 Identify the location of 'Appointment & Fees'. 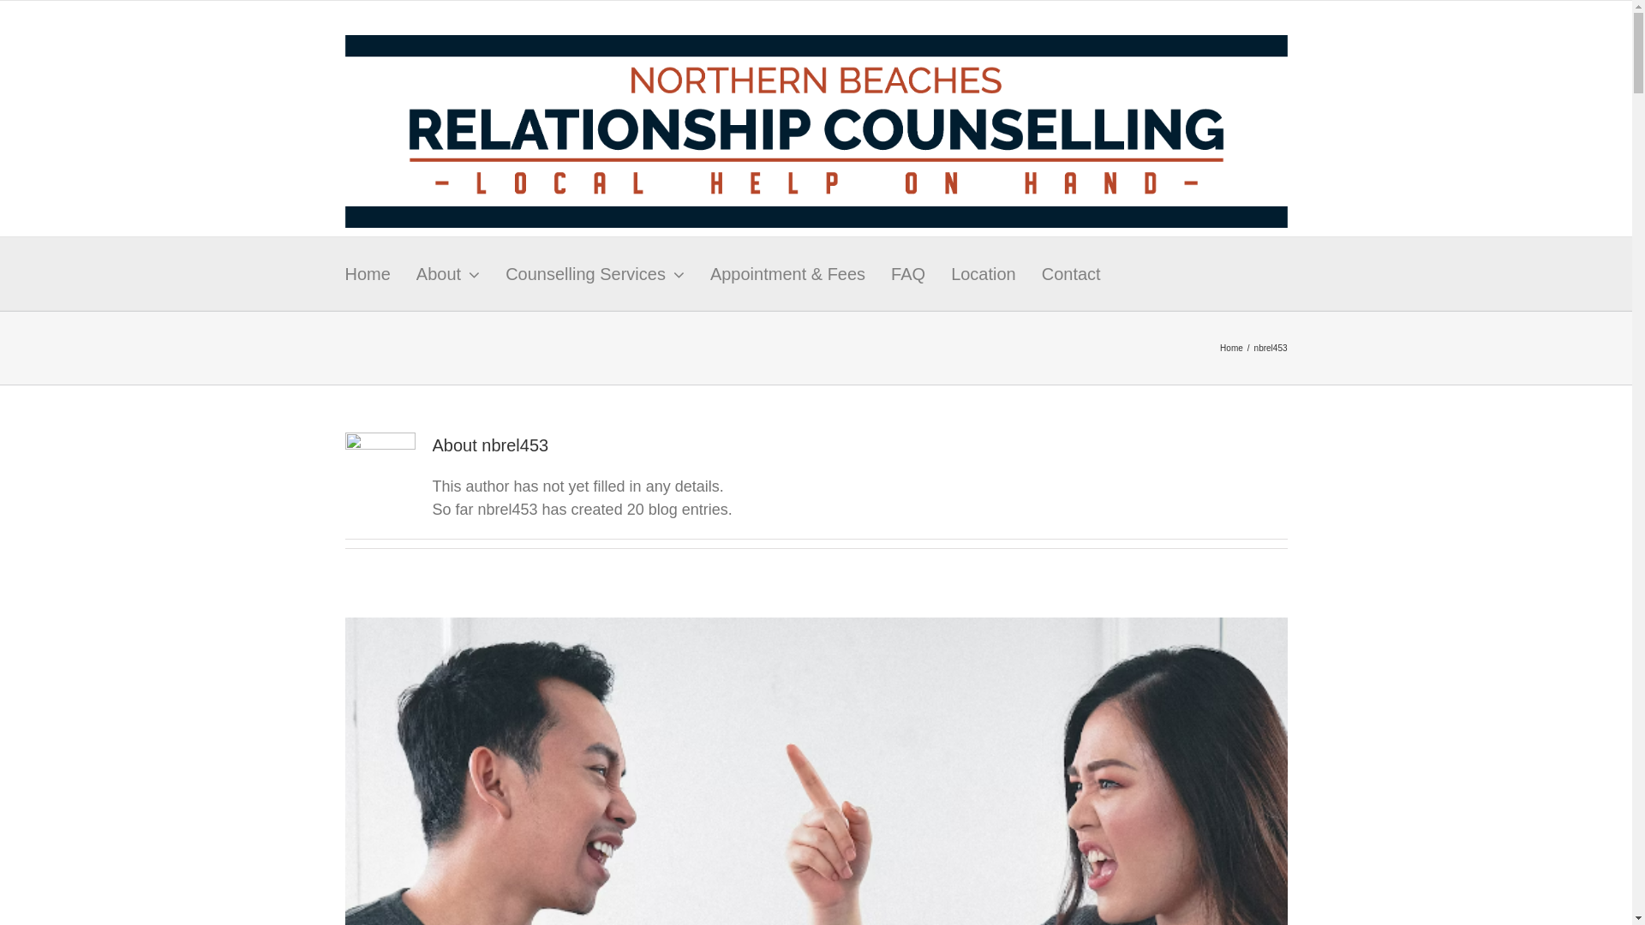
(710, 272).